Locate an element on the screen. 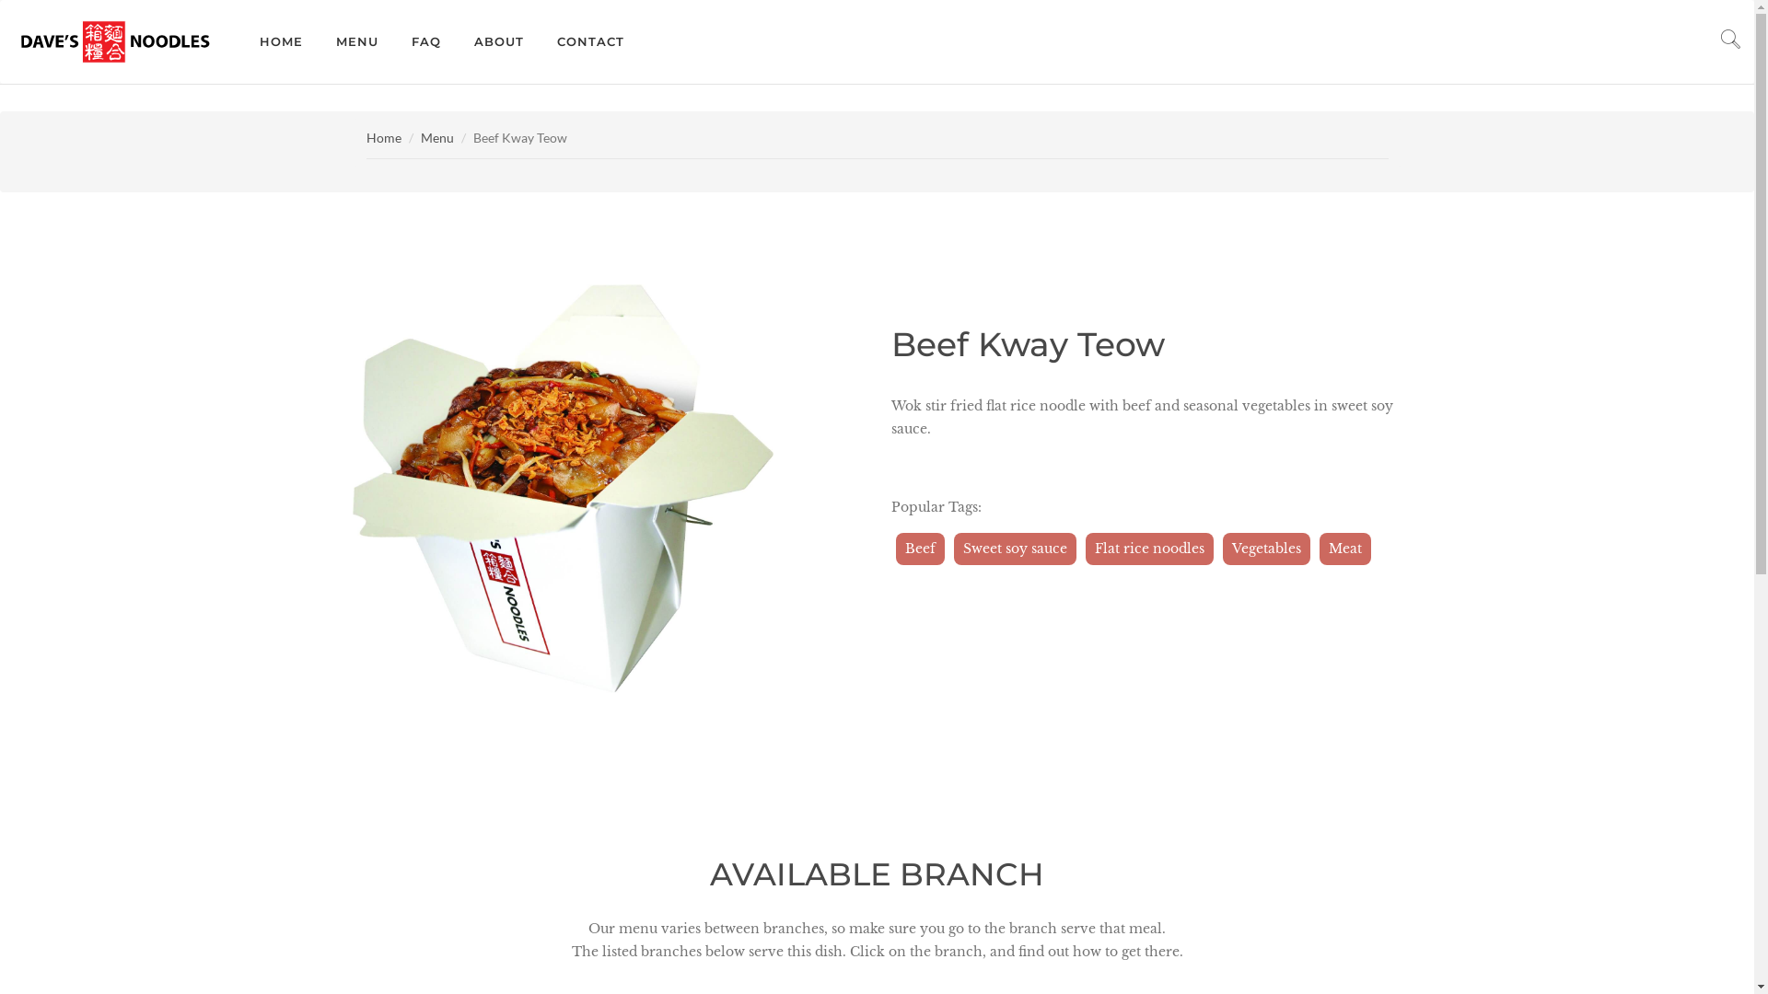 The image size is (1768, 994). 'MENU' is located at coordinates (357, 41).